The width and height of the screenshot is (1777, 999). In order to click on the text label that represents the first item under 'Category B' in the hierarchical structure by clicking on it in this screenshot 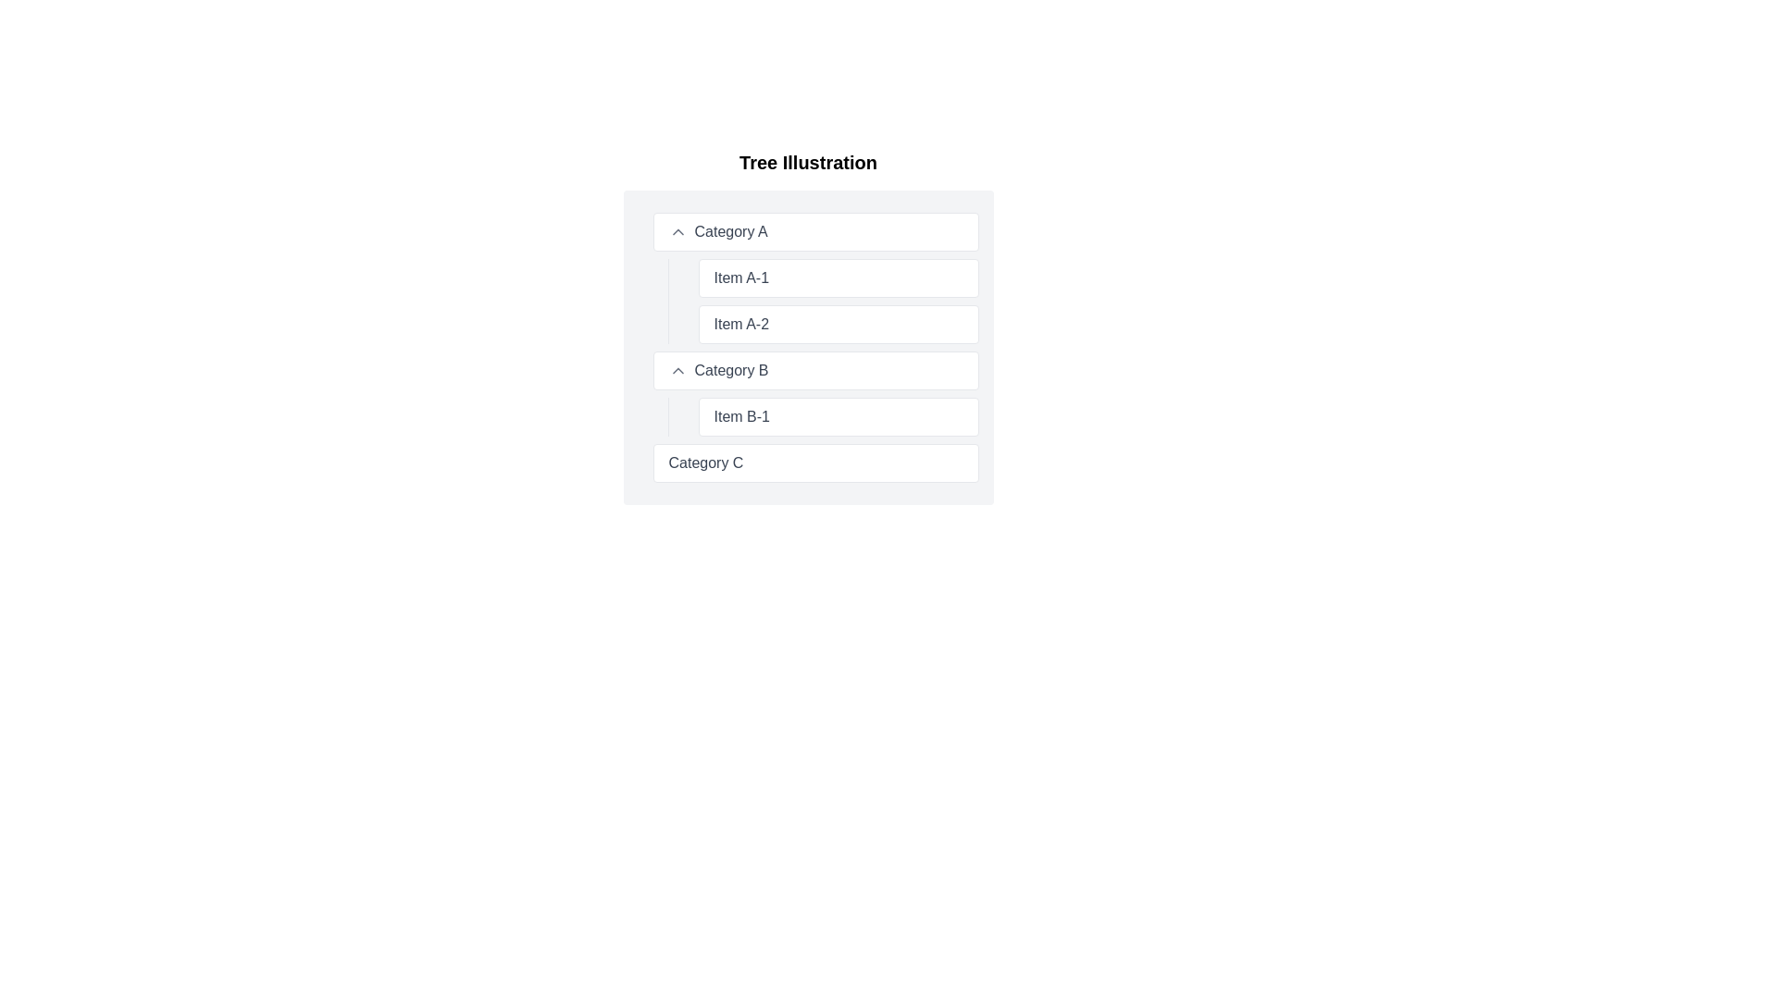, I will do `click(822, 417)`.